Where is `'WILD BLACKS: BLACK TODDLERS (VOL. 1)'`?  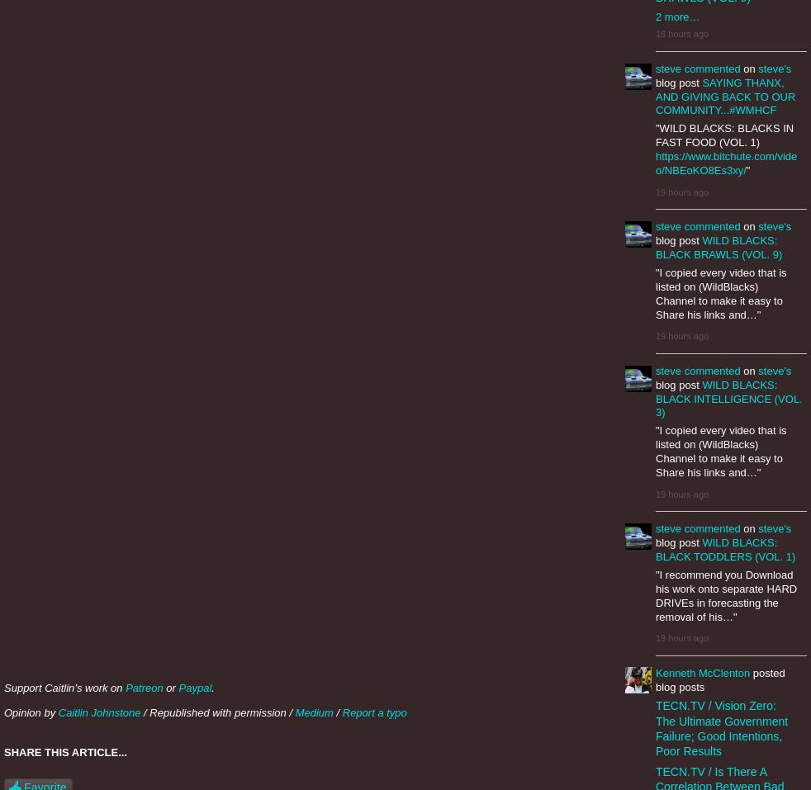
'WILD BLACKS: BLACK TODDLERS (VOL. 1)' is located at coordinates (725, 548).